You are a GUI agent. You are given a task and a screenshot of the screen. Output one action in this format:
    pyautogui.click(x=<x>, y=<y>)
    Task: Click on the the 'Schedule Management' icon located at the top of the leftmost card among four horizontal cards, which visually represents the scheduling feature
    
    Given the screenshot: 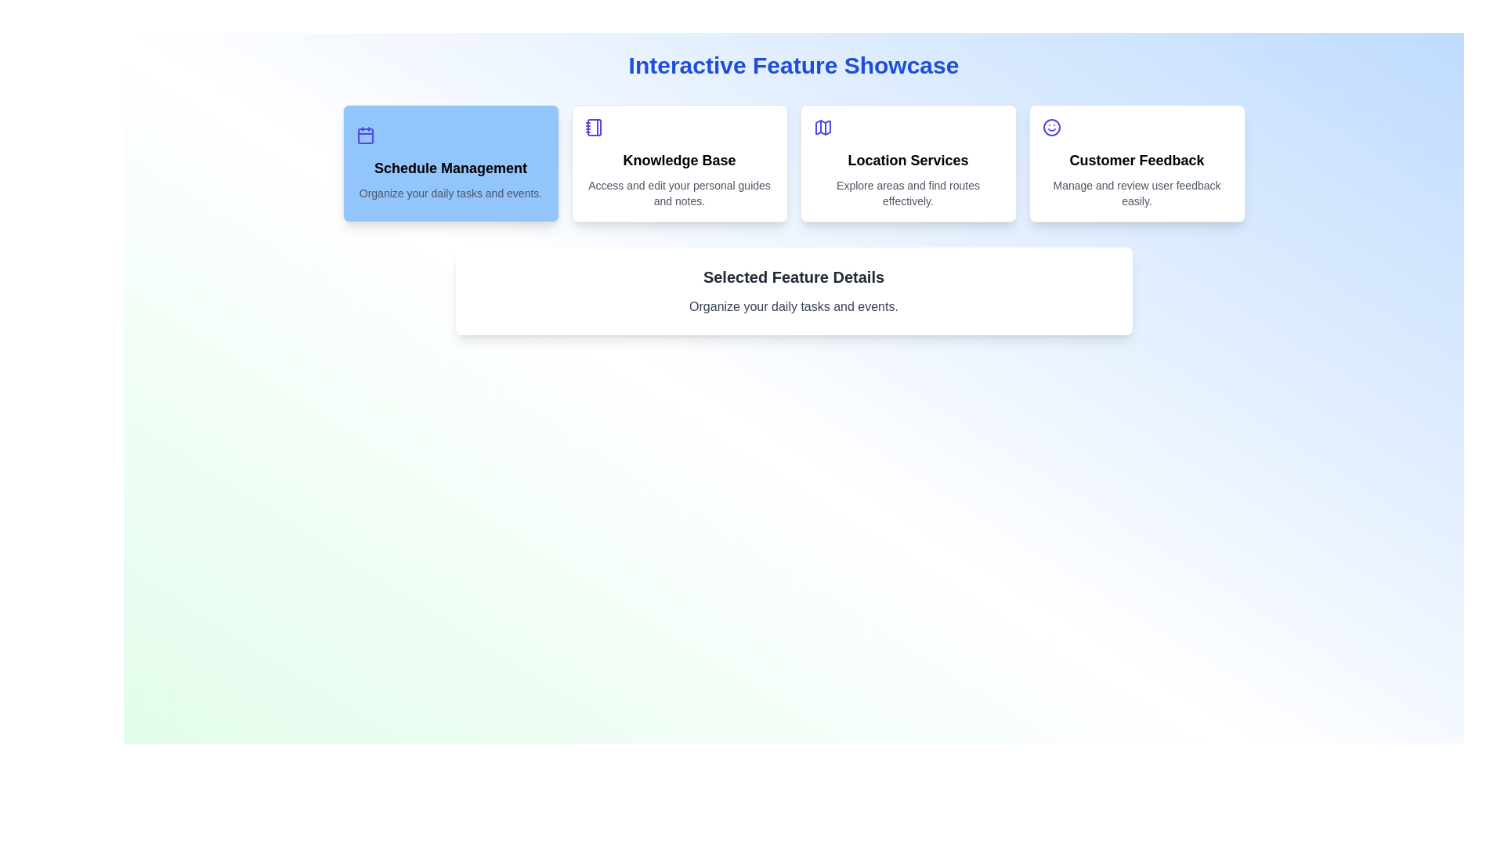 What is the action you would take?
    pyautogui.click(x=364, y=135)
    